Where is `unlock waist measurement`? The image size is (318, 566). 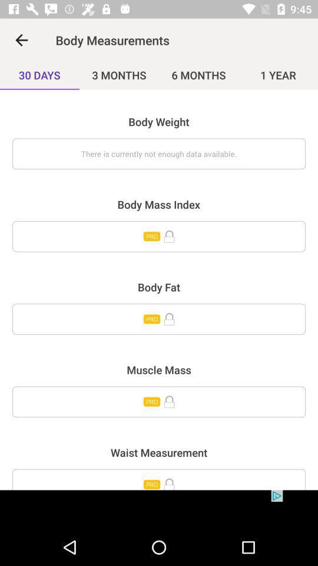
unlock waist measurement is located at coordinates (159, 479).